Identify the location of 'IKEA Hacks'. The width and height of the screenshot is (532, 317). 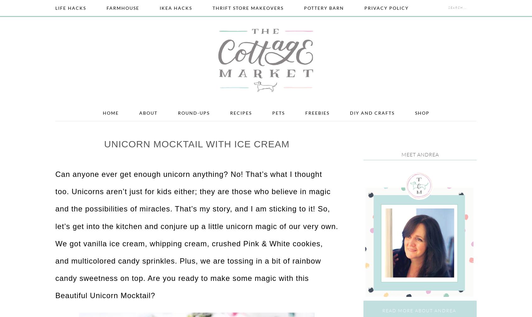
(176, 8).